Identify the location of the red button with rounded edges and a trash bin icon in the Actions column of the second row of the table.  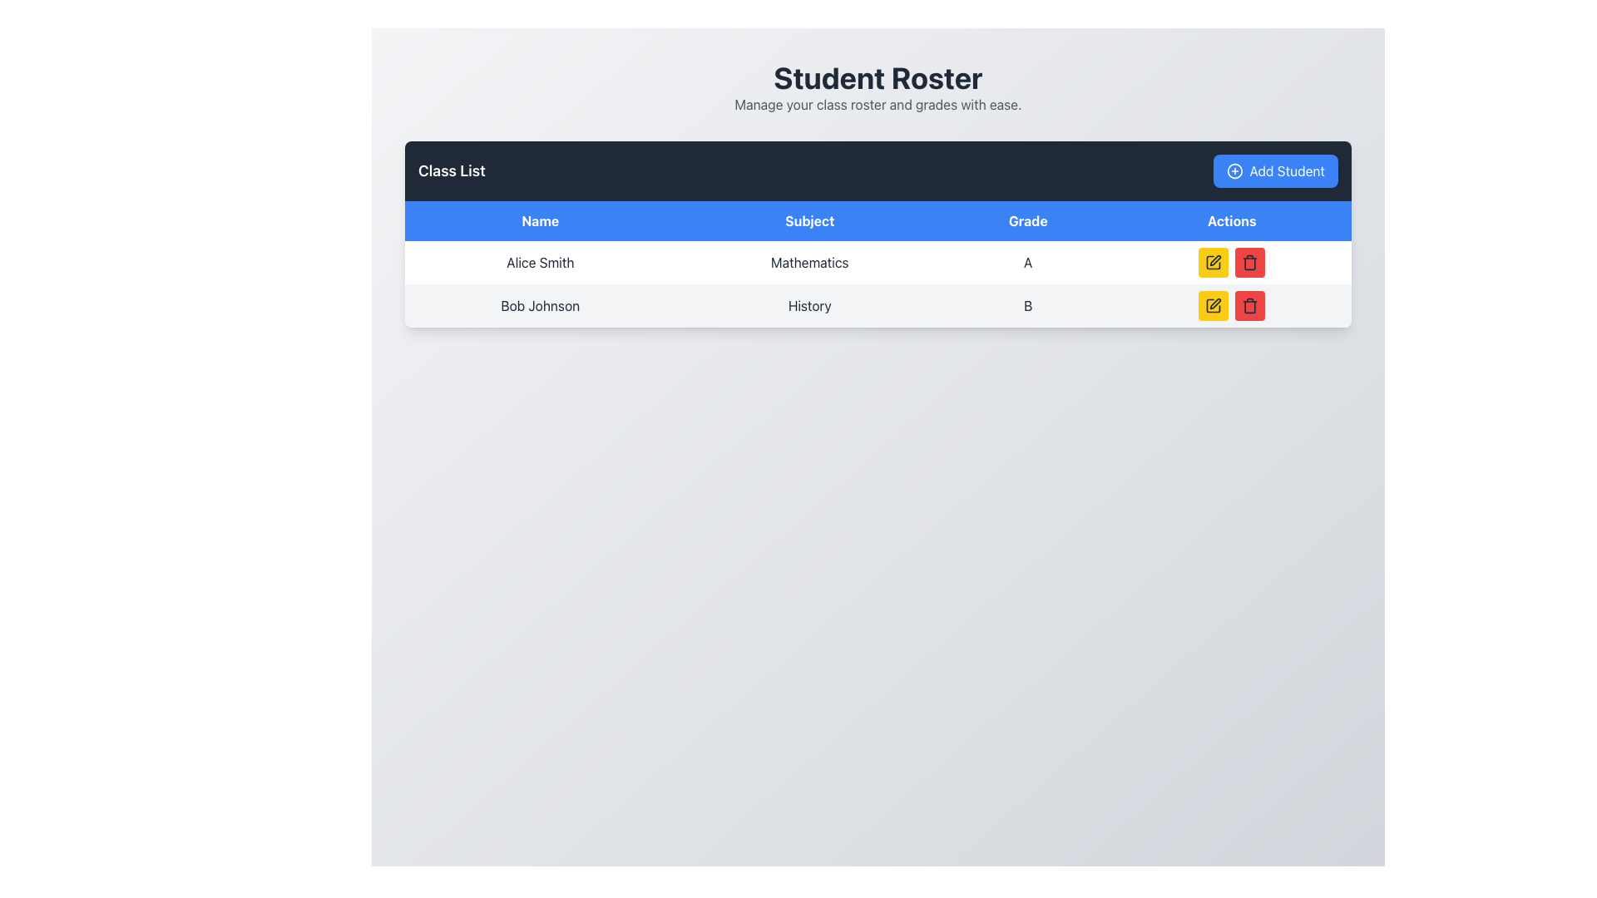
(1250, 305).